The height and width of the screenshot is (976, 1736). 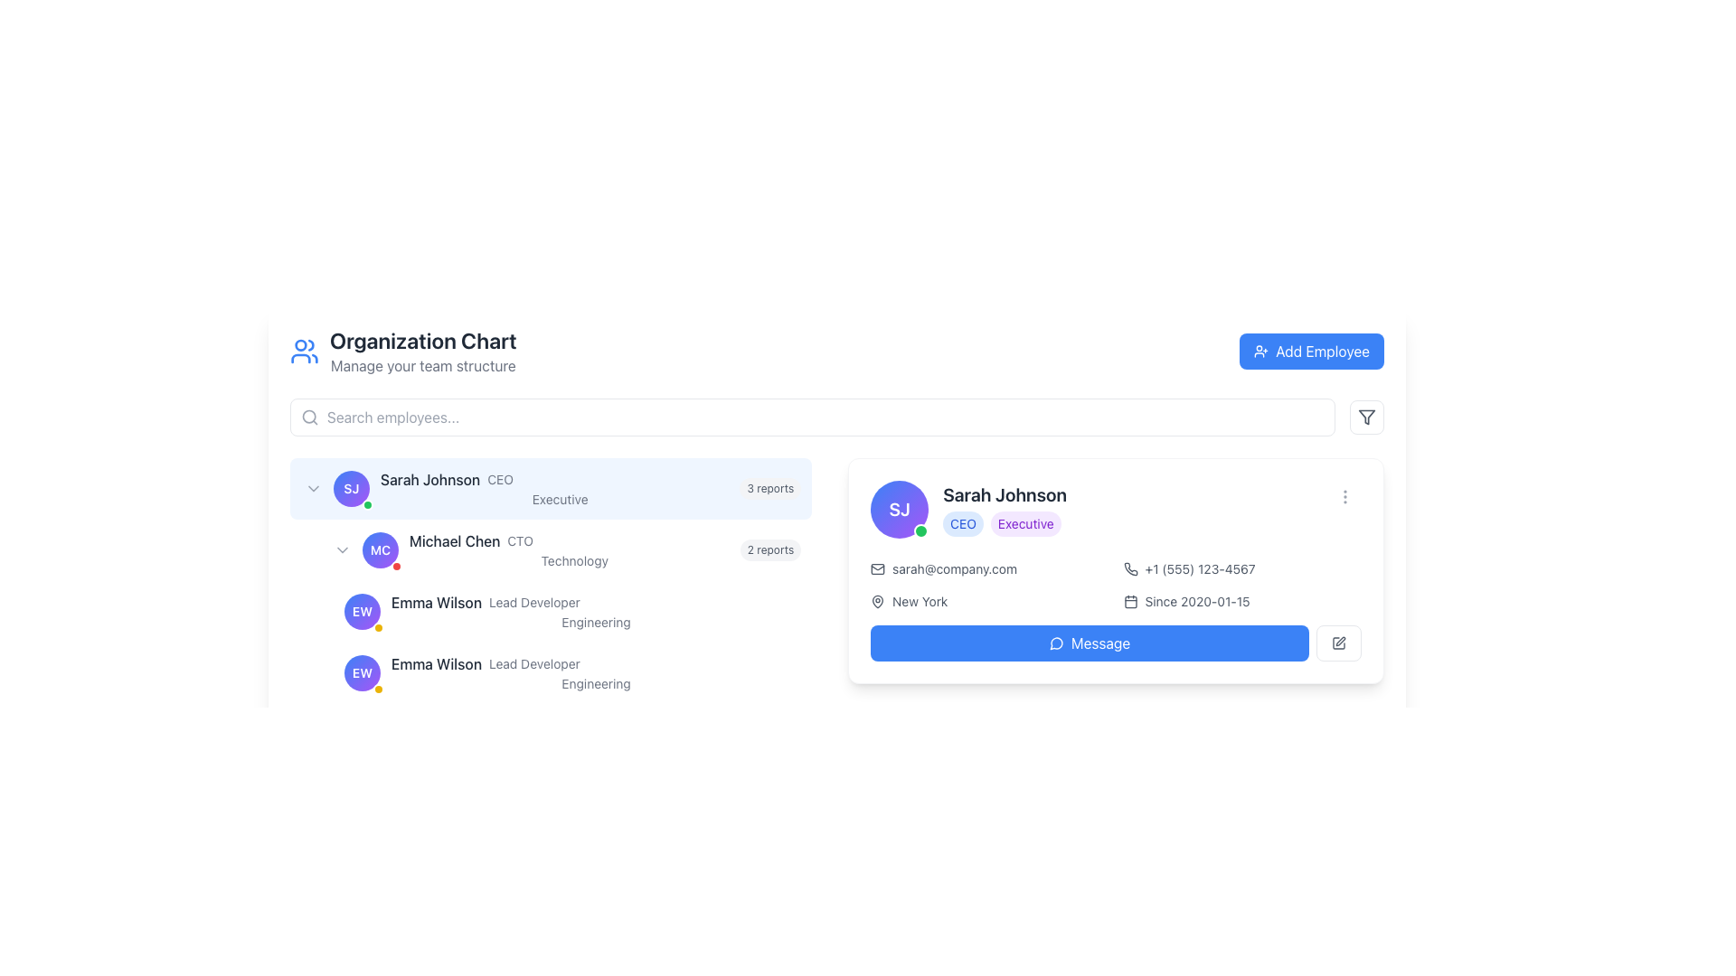 What do you see at coordinates (1115, 643) in the screenshot?
I see `the blue rectangular button with rounded corners labeled 'Message' to provide visual feedback` at bounding box center [1115, 643].